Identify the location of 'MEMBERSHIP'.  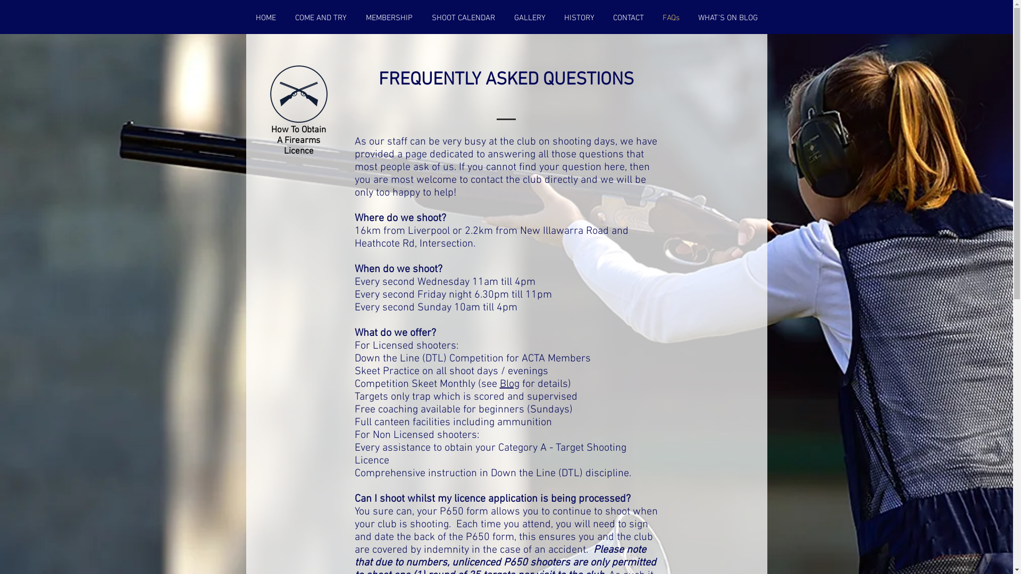
(356, 18).